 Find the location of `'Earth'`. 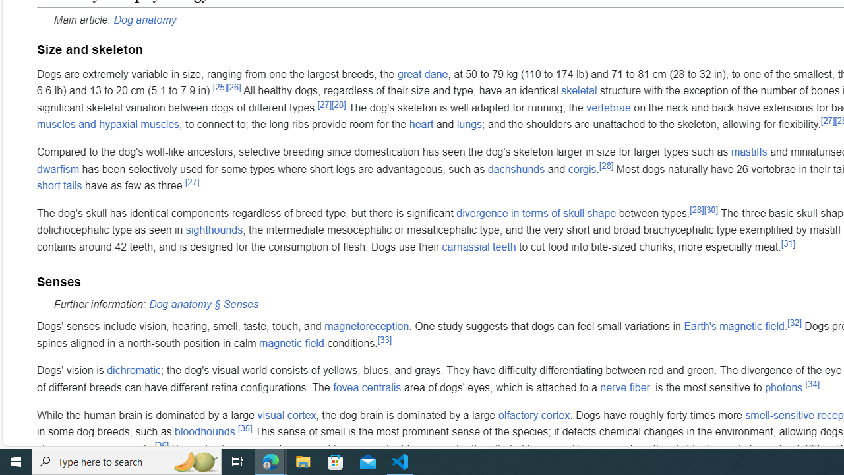

'Earth' is located at coordinates (733, 327).